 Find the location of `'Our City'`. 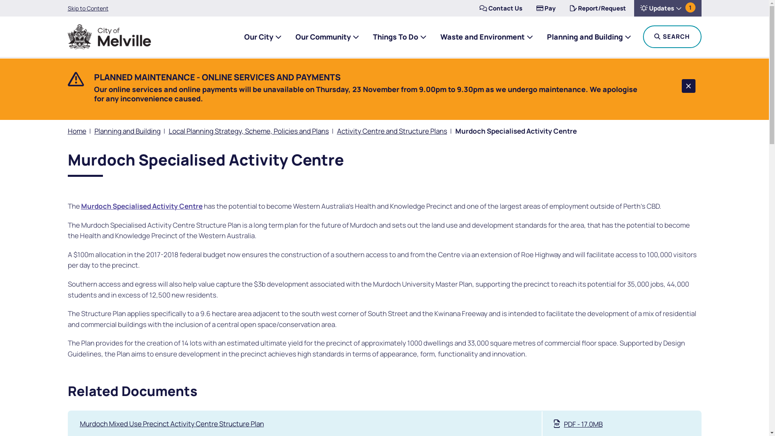

'Our City' is located at coordinates (243, 37).